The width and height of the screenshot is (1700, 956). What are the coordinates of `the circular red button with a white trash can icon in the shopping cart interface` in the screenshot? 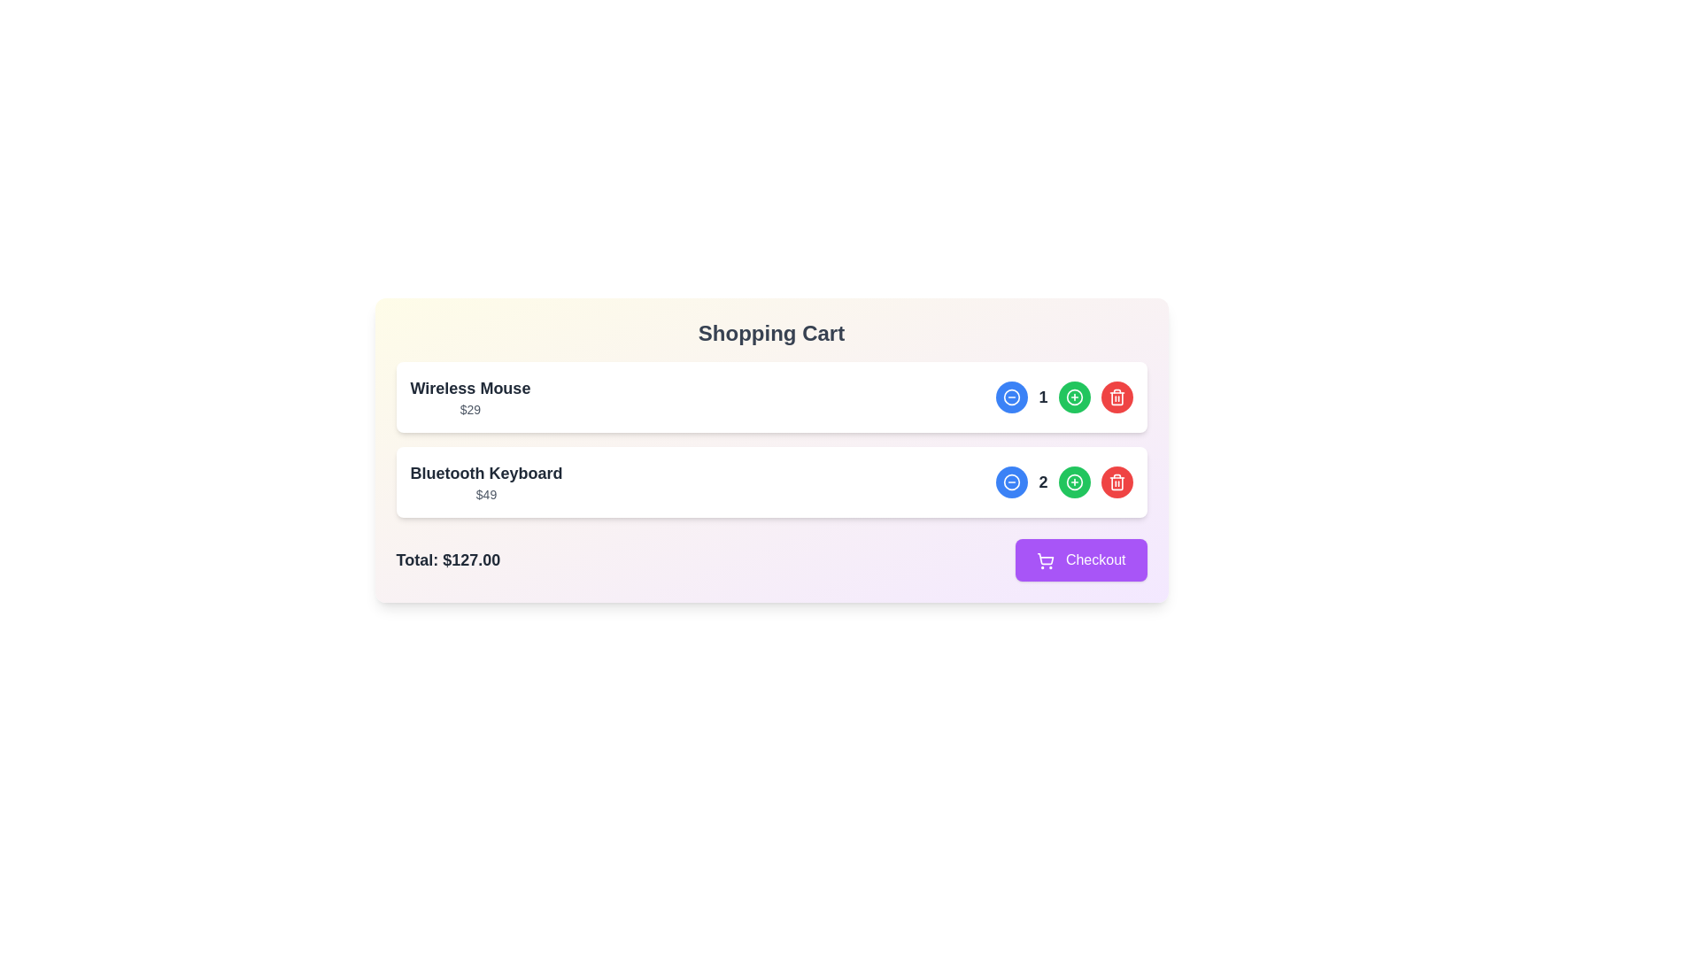 It's located at (1116, 482).